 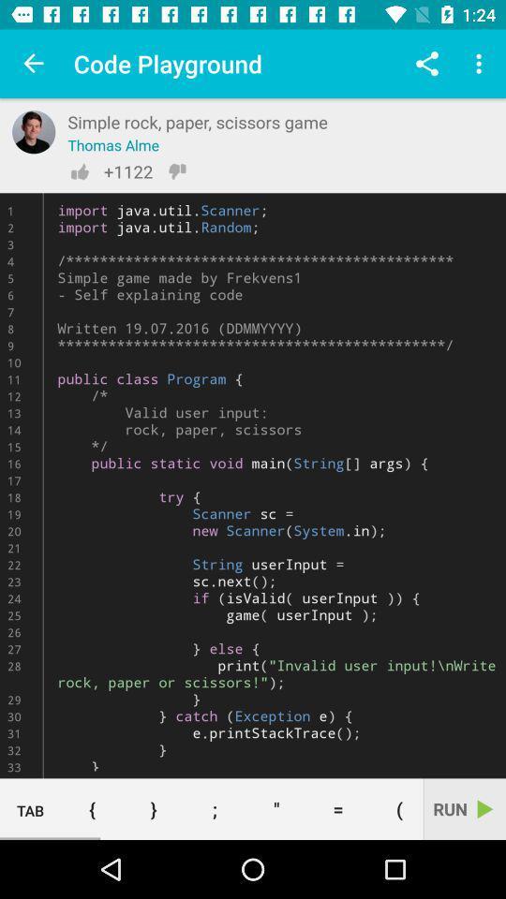 What do you see at coordinates (34, 131) in the screenshot?
I see `authors profile photo` at bounding box center [34, 131].